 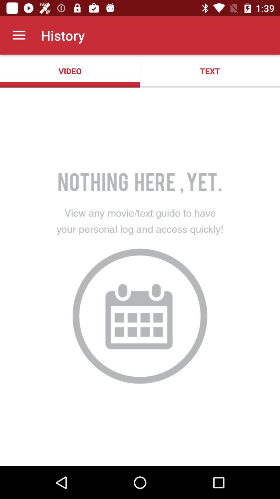 What do you see at coordinates (70, 71) in the screenshot?
I see `the icon next to text app` at bounding box center [70, 71].